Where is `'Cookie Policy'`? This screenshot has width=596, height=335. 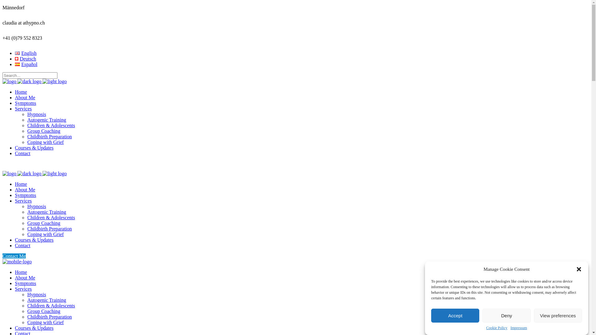
'Cookie Policy' is located at coordinates (496, 328).